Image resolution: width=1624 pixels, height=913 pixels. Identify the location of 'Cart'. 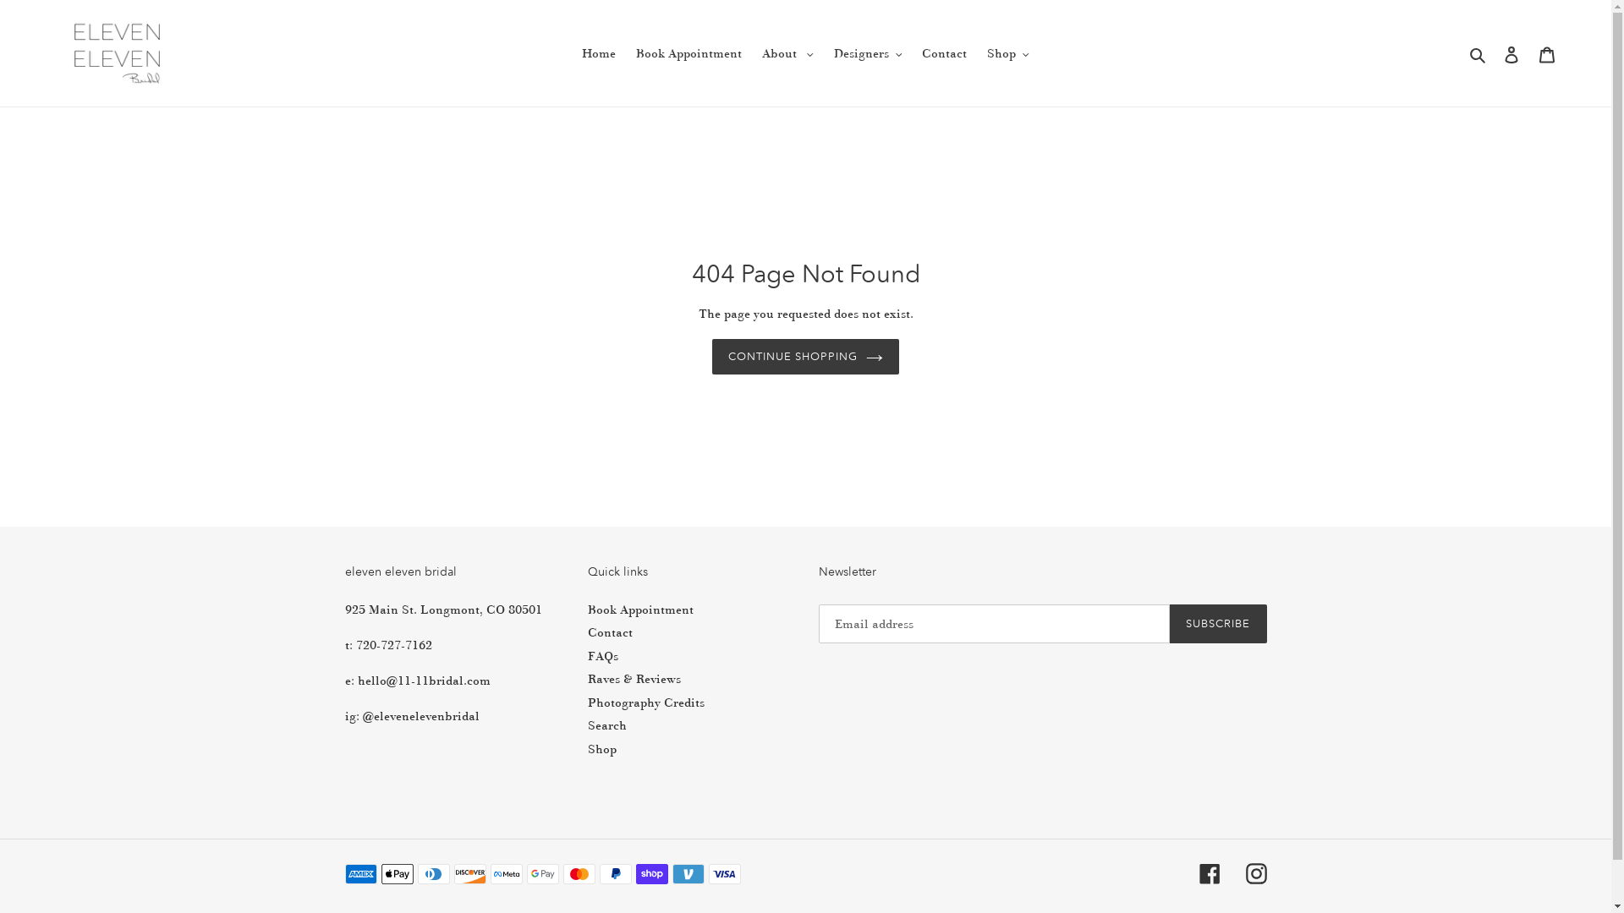
(1546, 52).